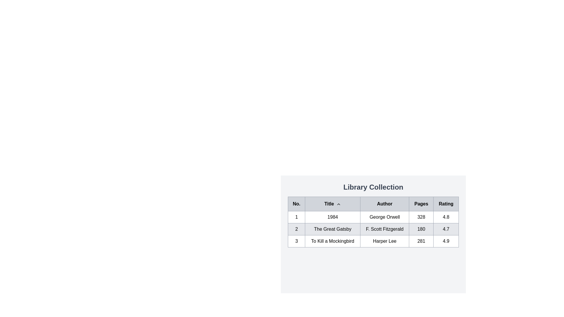 This screenshot has width=564, height=317. I want to click on information presented in the third row of the table, which contains details about a book, including its title, author, number of pages, and rating, so click(373, 241).